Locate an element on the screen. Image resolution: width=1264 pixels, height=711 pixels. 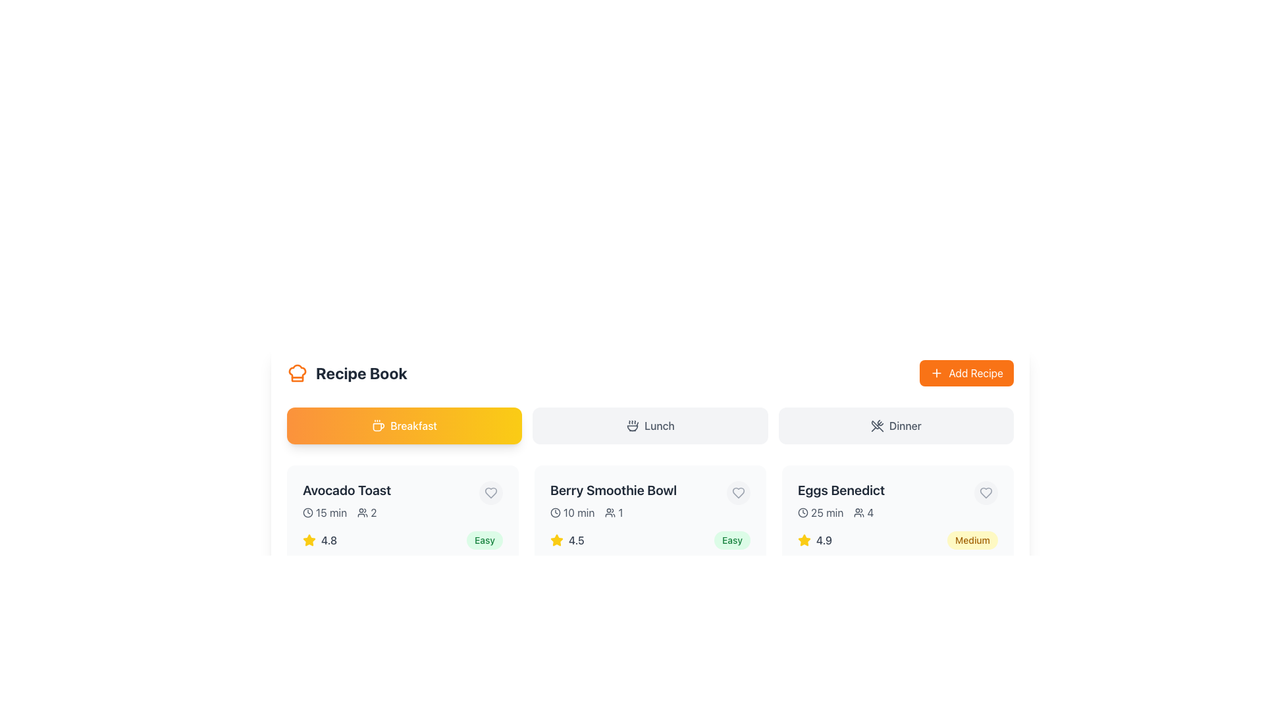
the text and icon combination component that indicates the preparation time for the 'Avocado Toast' recipe, located under the 'Breakfast' category in the first recipe card is located at coordinates (325, 512).